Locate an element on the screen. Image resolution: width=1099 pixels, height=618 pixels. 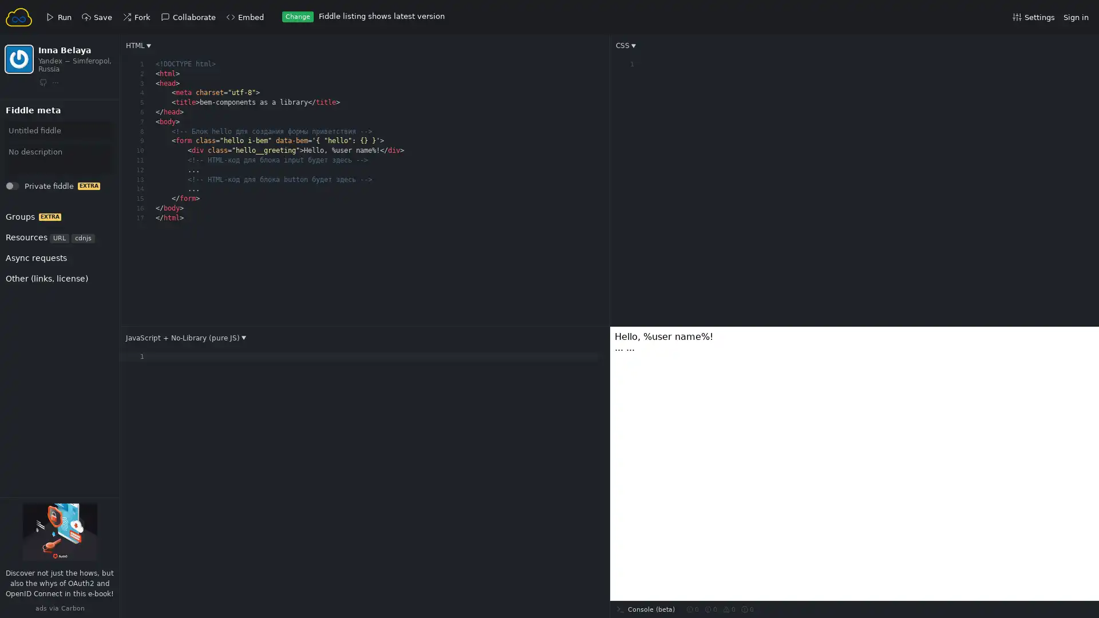
Fork is located at coordinates (23, 123).